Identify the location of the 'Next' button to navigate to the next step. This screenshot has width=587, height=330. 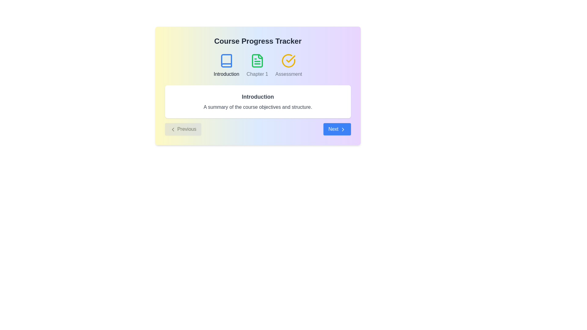
(337, 129).